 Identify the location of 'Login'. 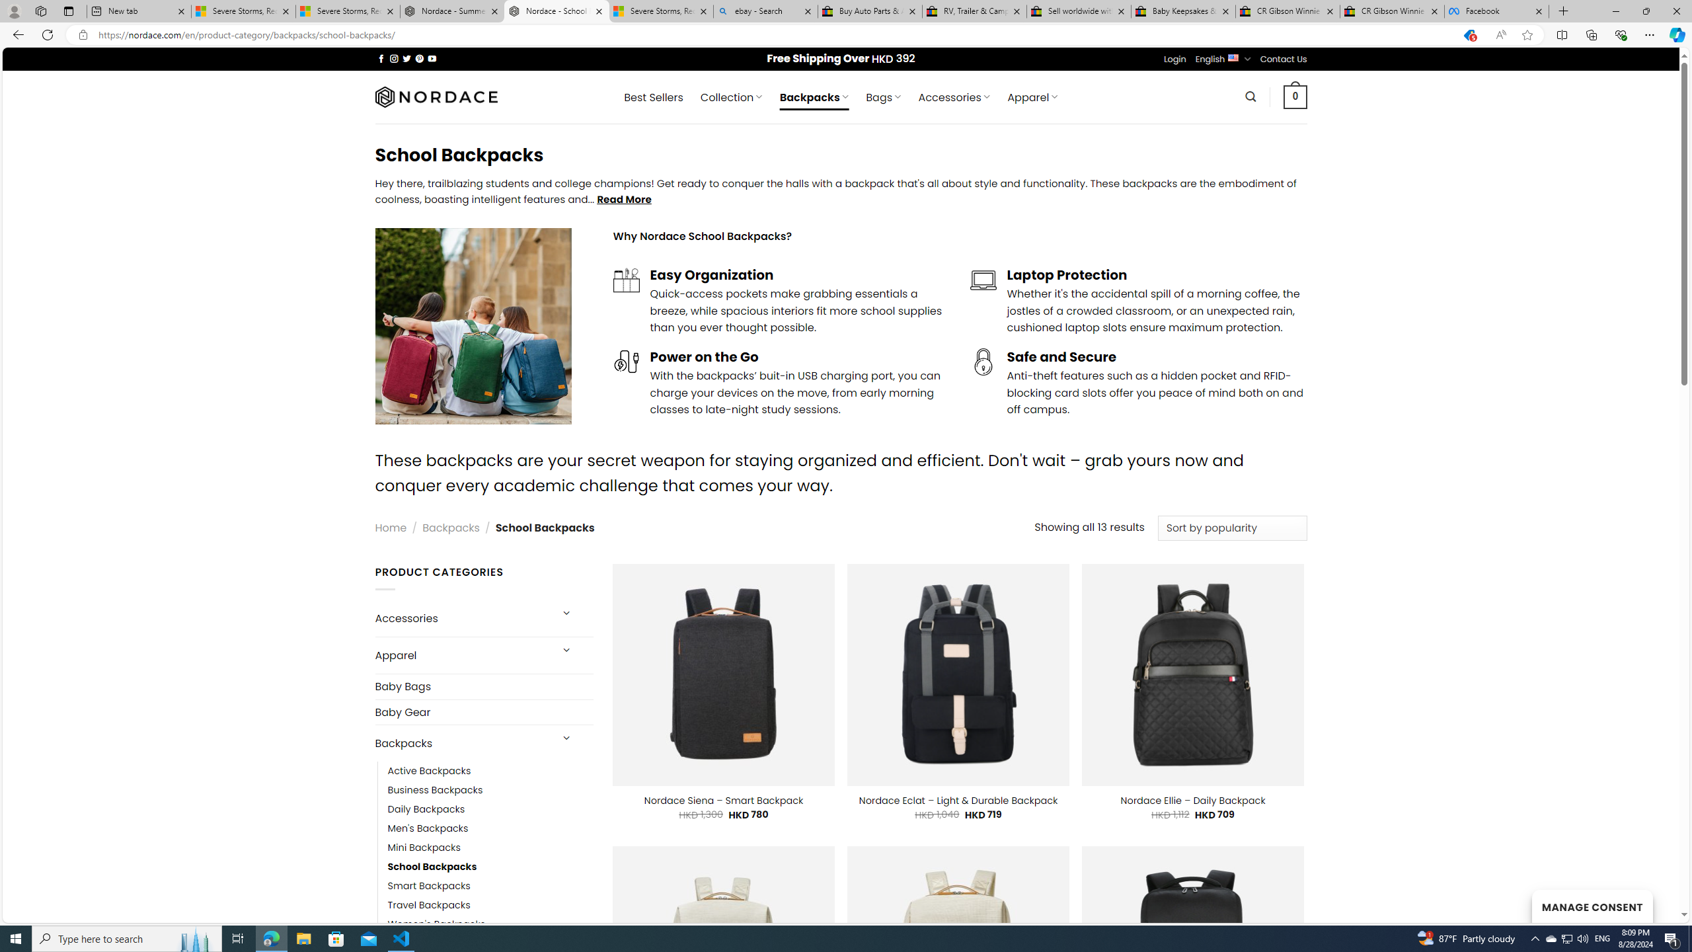
(1174, 59).